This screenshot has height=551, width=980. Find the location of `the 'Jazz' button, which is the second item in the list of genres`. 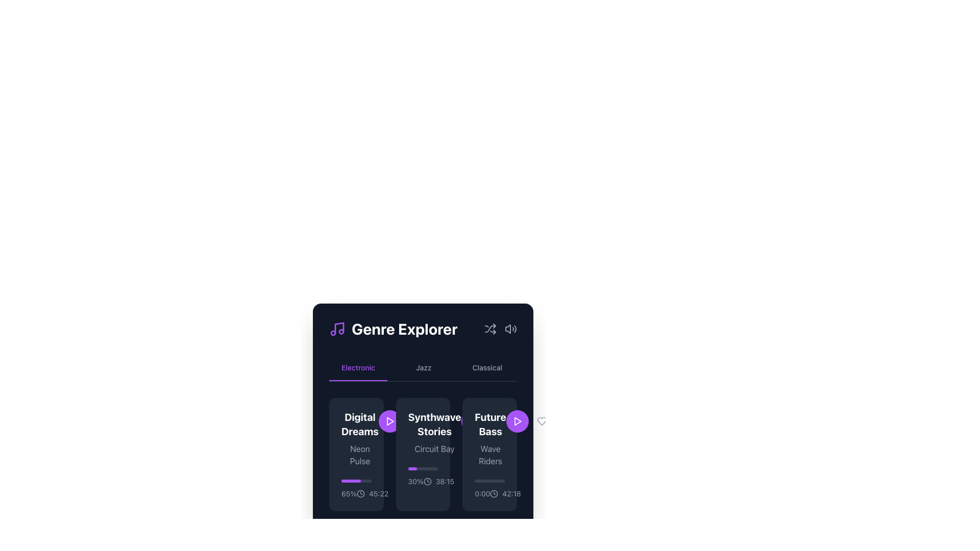

the 'Jazz' button, which is the second item in the list of genres is located at coordinates (423, 368).